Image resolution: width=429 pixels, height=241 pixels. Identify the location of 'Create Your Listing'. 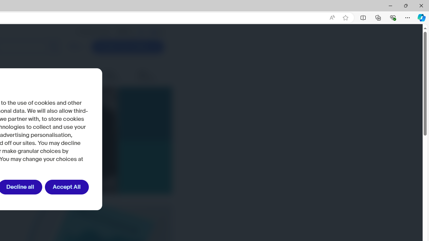
(128, 47).